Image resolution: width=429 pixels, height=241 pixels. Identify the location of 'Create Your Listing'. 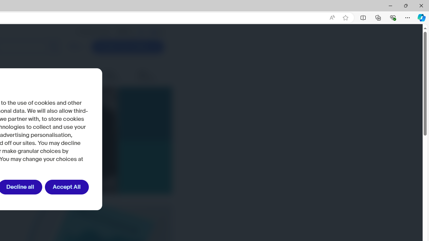
(128, 47).